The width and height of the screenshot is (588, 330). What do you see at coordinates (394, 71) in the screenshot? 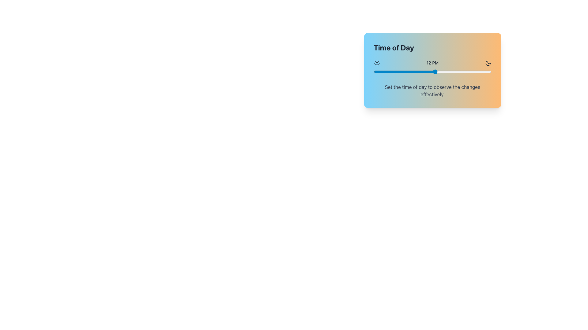
I see `the time of day` at bounding box center [394, 71].